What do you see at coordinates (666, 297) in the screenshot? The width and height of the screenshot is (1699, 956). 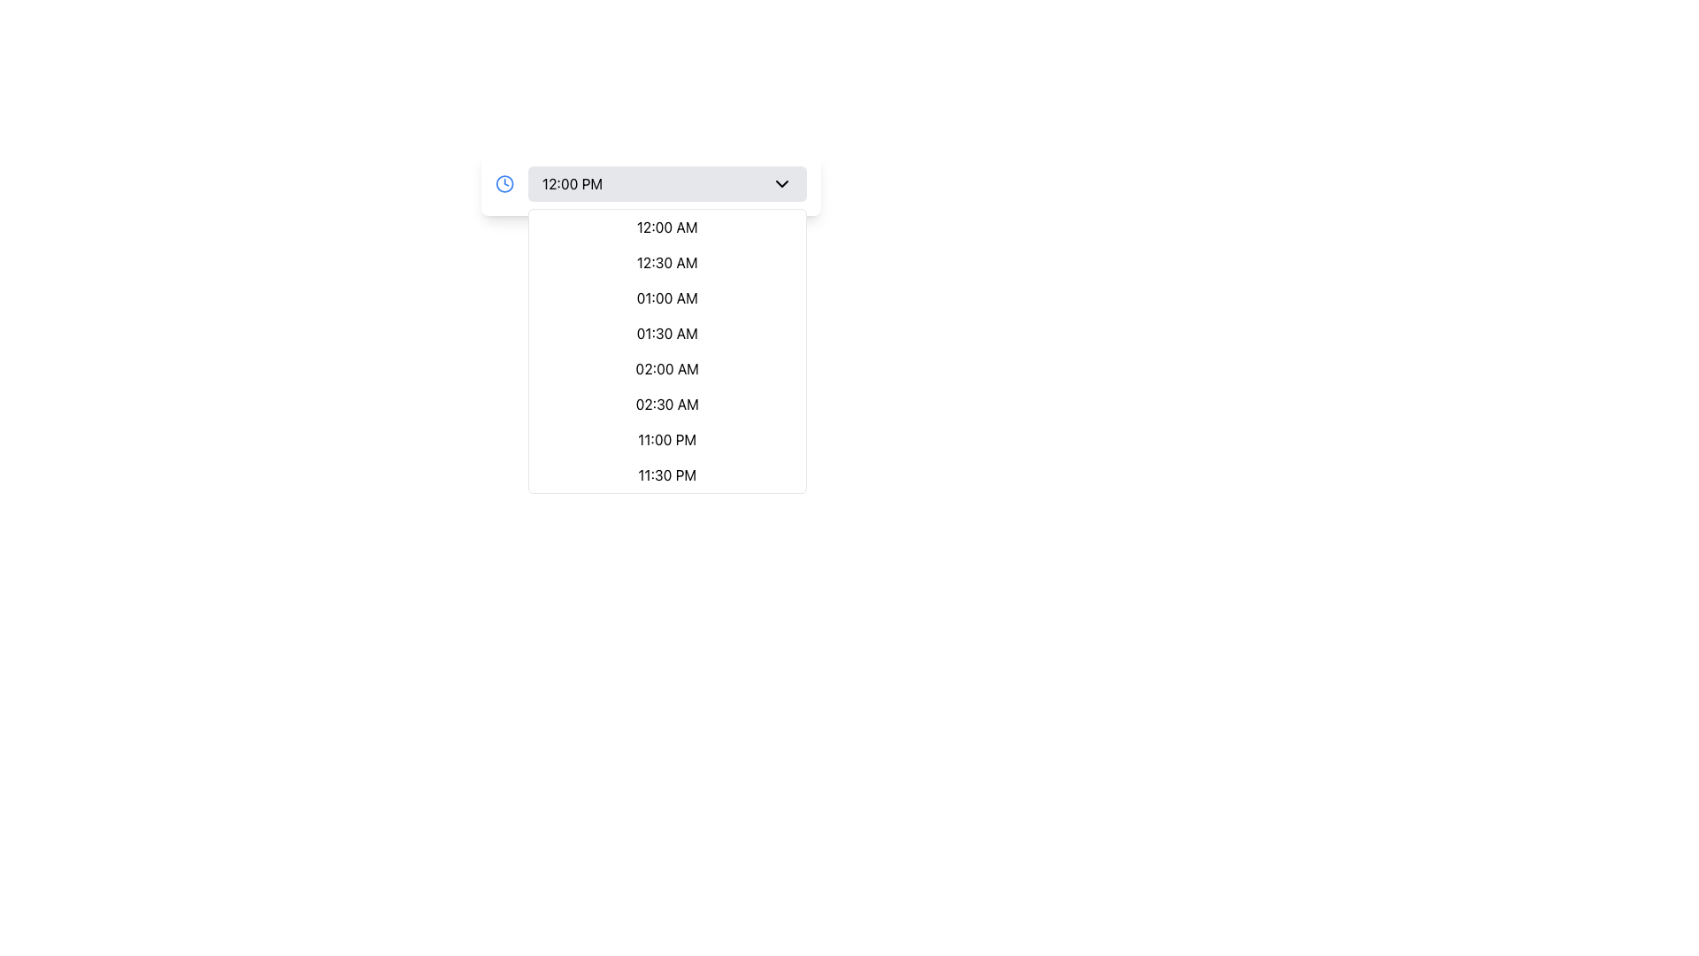 I see `the text-based list item displaying '01:00 AM'` at bounding box center [666, 297].